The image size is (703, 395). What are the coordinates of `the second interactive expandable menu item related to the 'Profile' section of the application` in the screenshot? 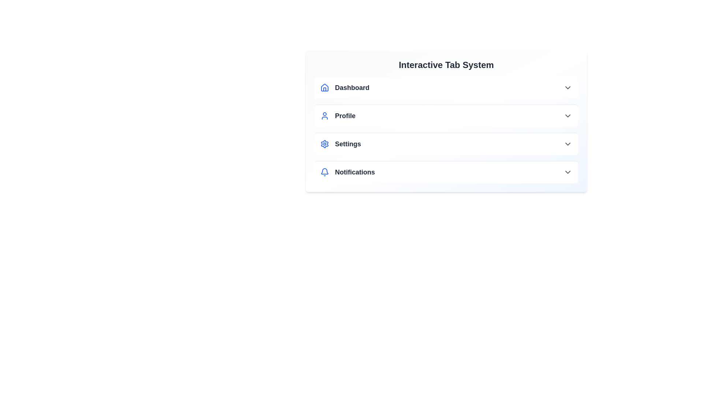 It's located at (446, 115).